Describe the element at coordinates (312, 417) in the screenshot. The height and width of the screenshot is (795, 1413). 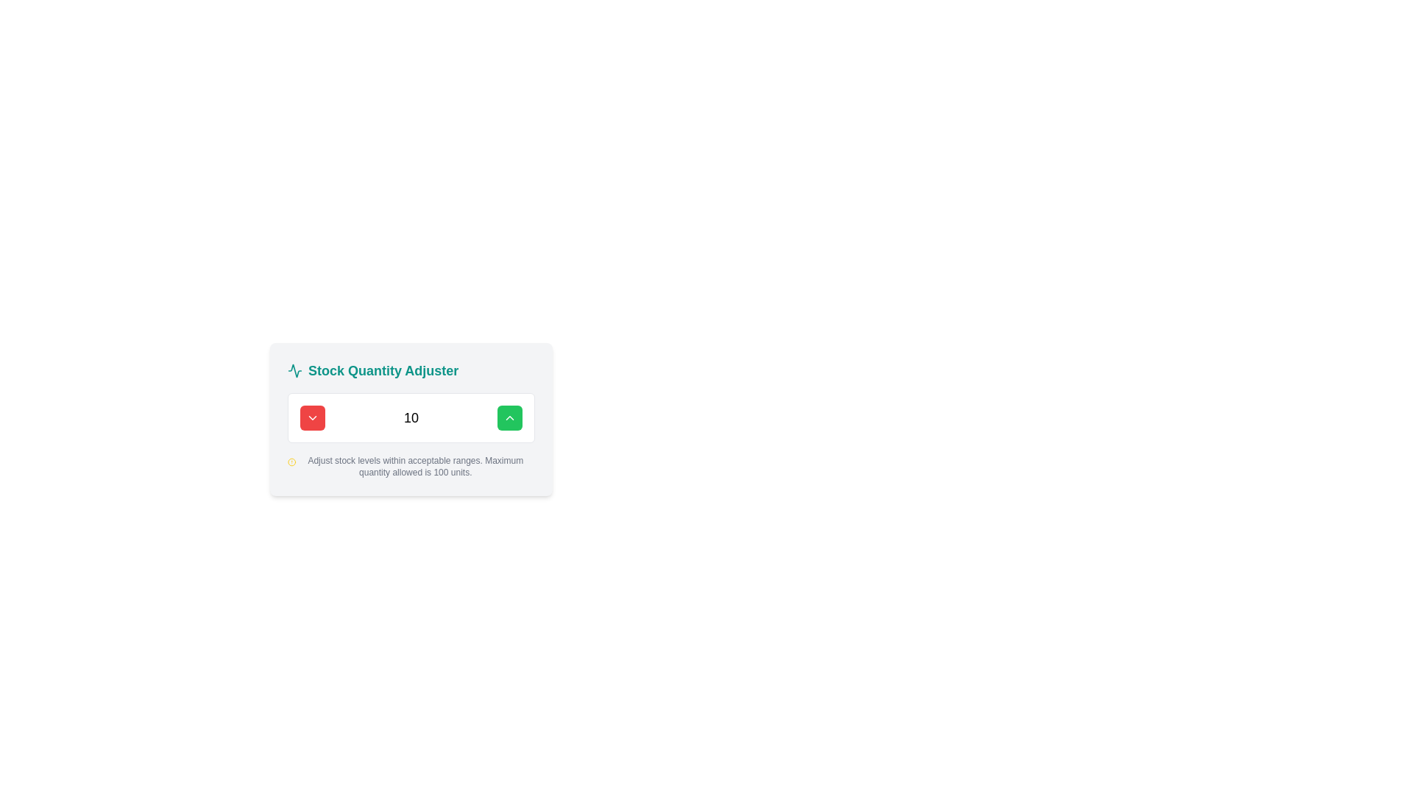
I see `the decrement icon located centrally within the red button on the left side of the numeric adjuster interface to initiate a decrement action` at that location.